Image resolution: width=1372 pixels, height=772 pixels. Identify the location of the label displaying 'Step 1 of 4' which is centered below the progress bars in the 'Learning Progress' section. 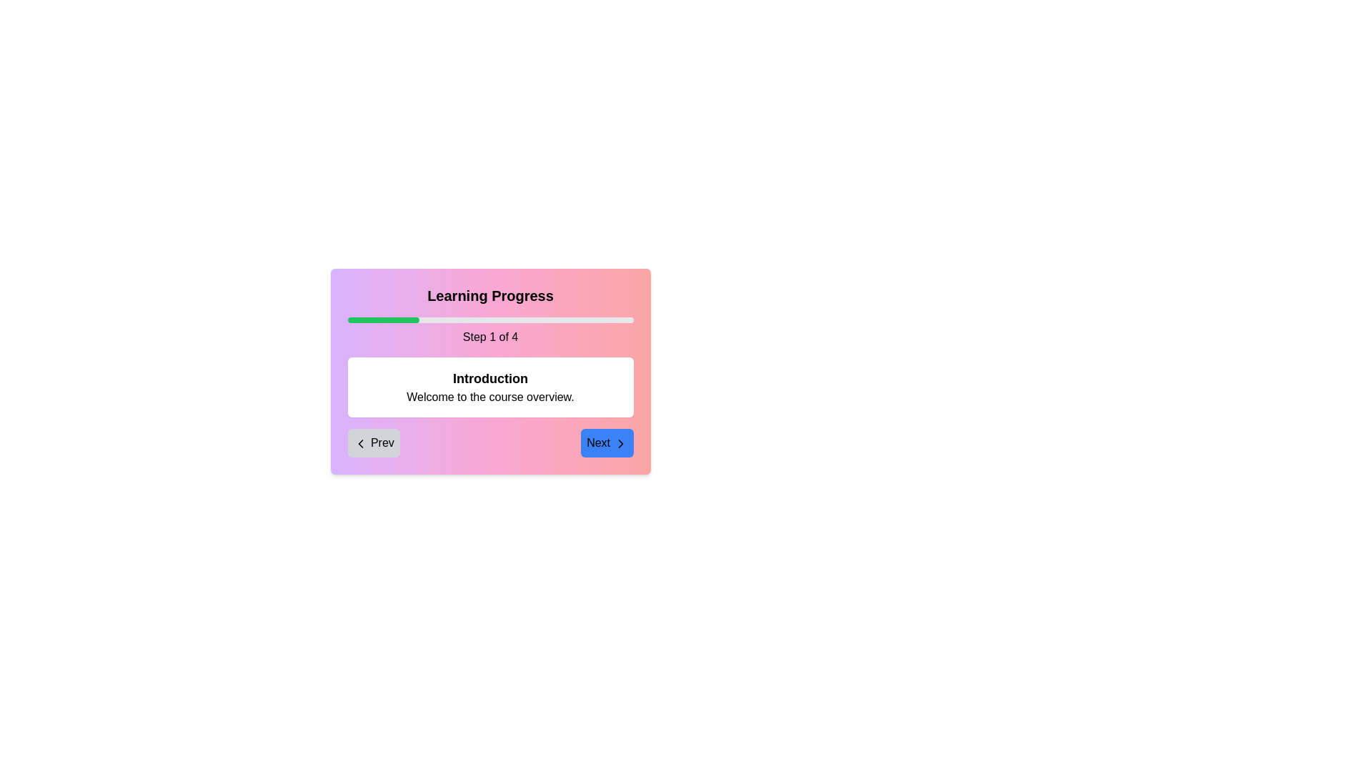
(490, 337).